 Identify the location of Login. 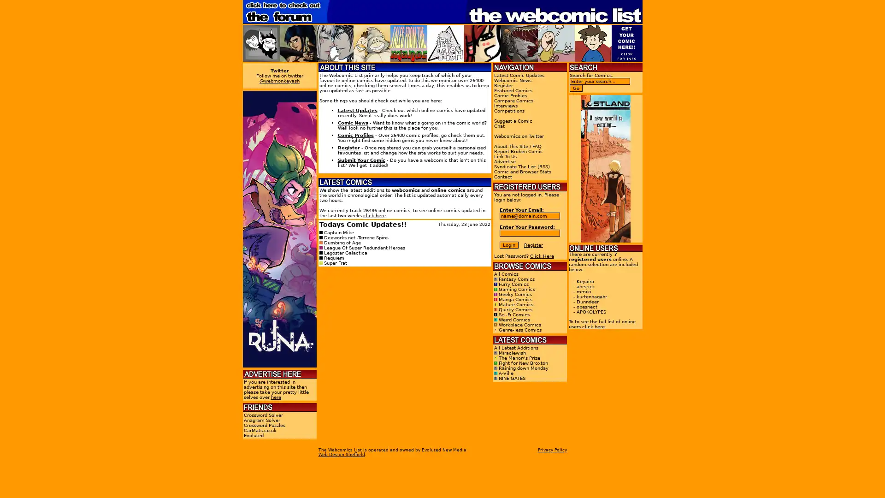
(508, 244).